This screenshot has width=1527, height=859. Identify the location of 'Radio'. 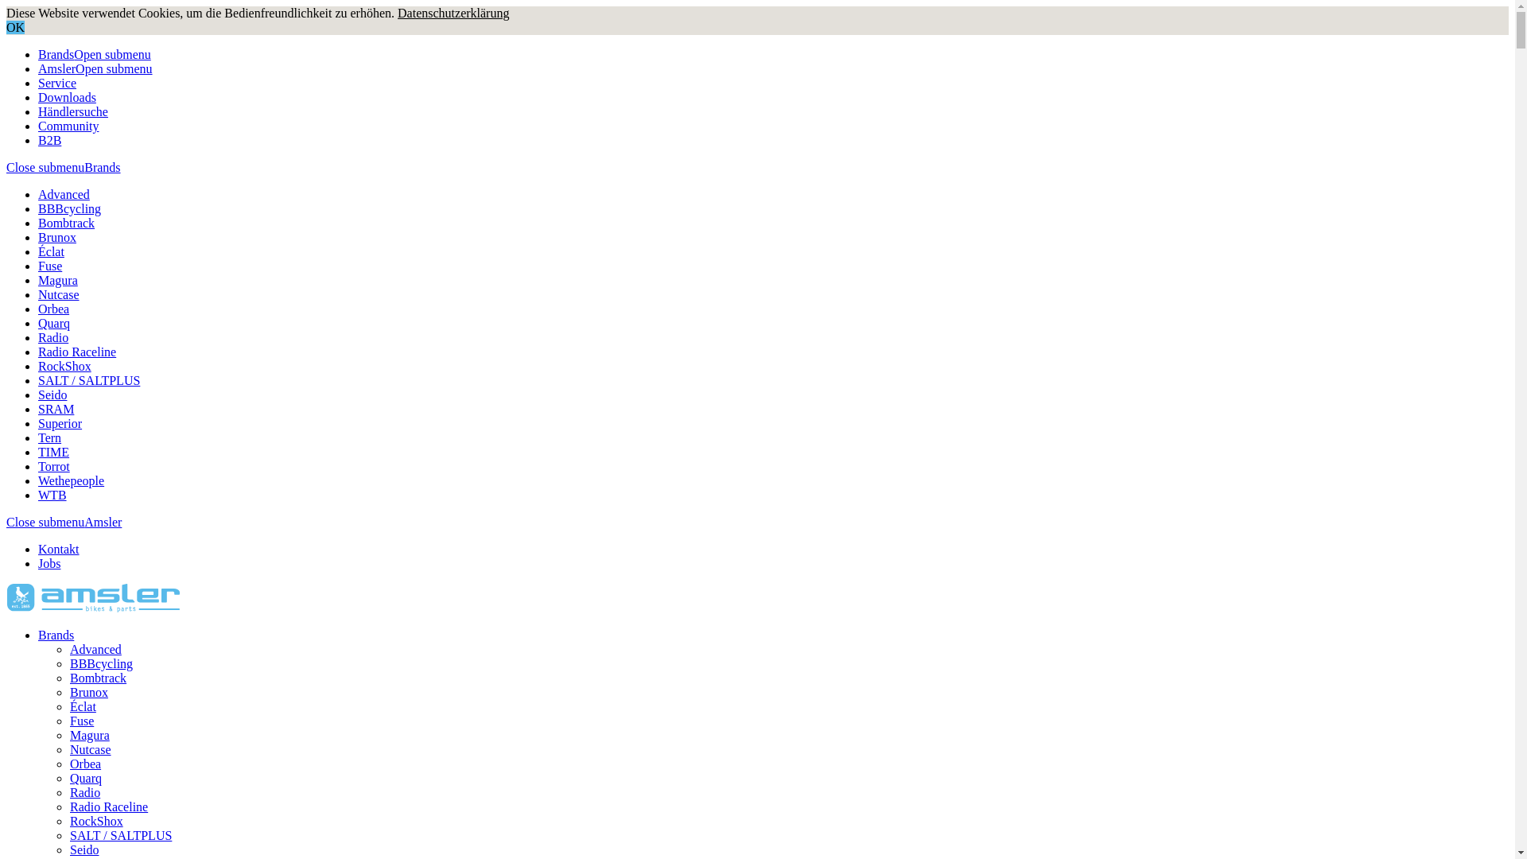
(53, 336).